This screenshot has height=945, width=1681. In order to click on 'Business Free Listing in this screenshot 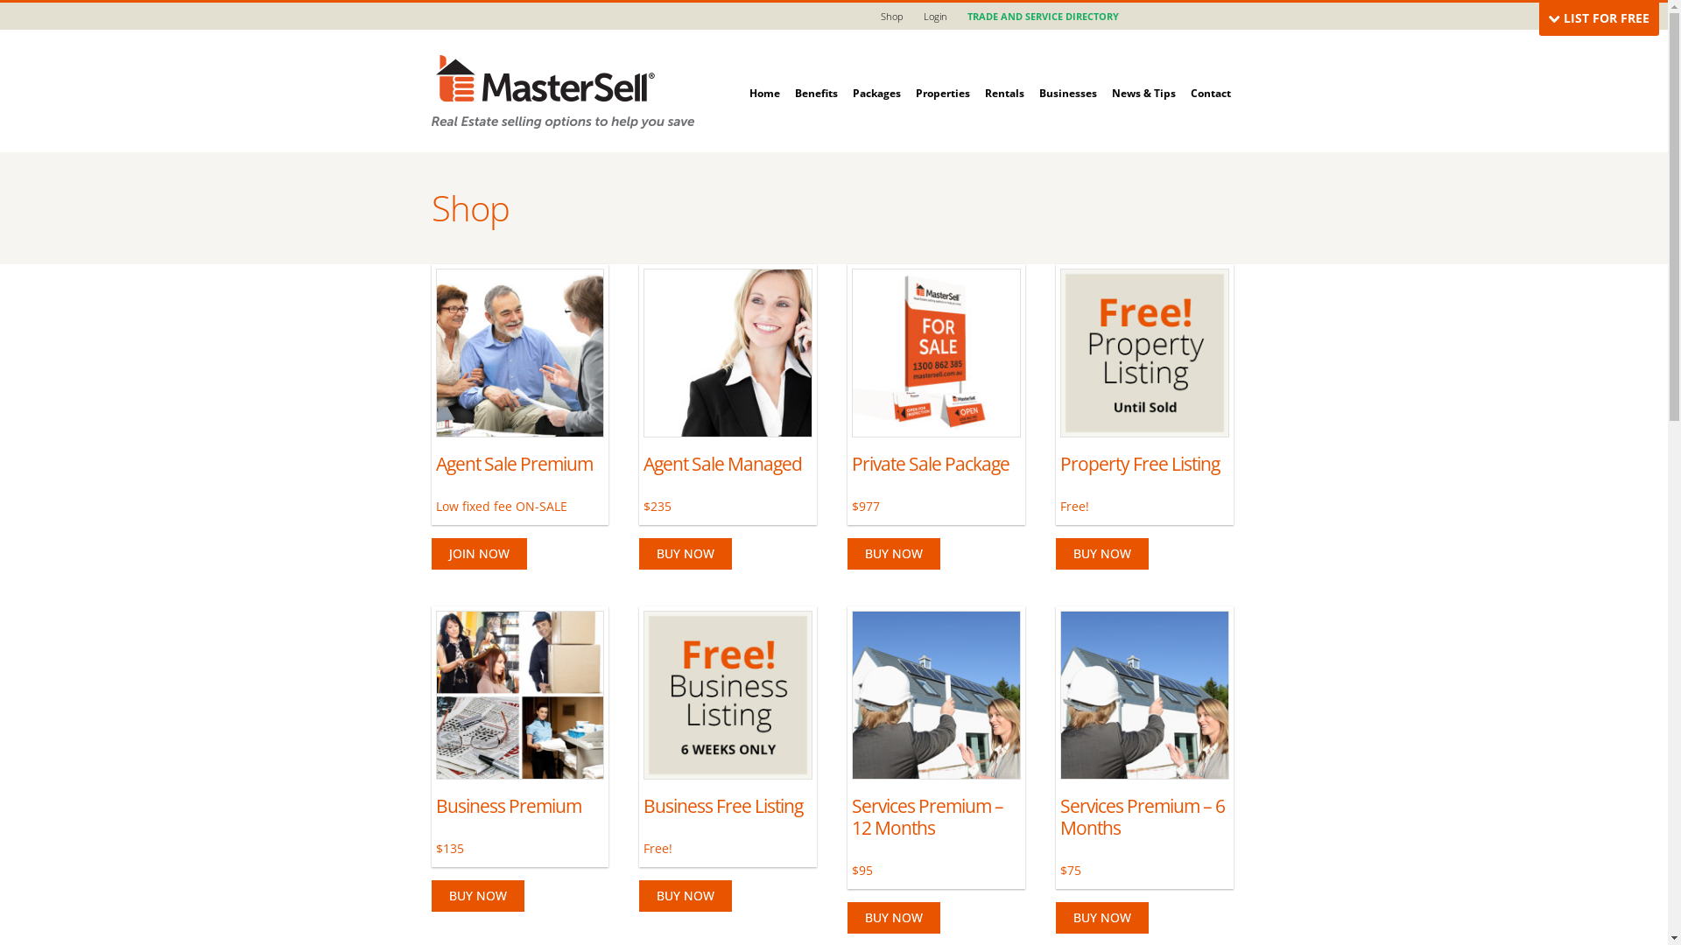, I will do `click(642, 733)`.